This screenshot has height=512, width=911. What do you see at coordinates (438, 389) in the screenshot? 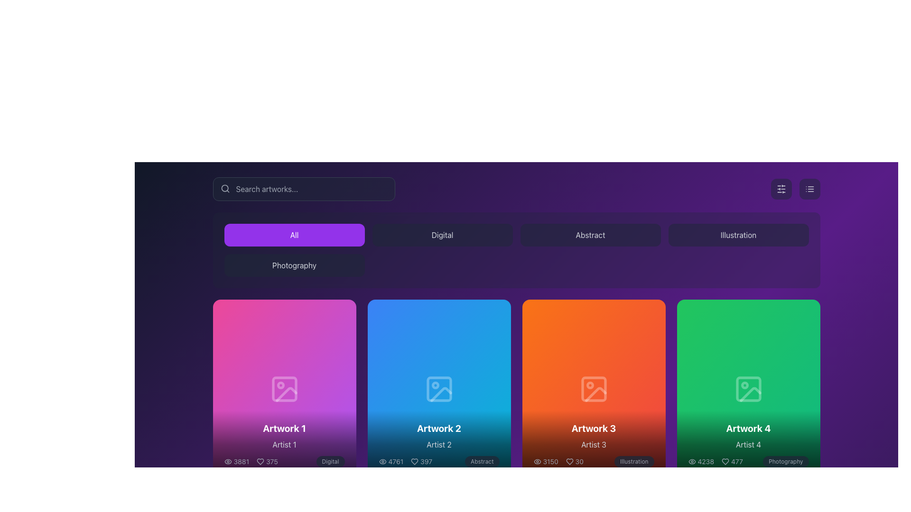
I see `the small light blue rounded rectangle SVG shape representing an image icon located at the center of the artwork card titled 'Artwork 2'` at bounding box center [438, 389].